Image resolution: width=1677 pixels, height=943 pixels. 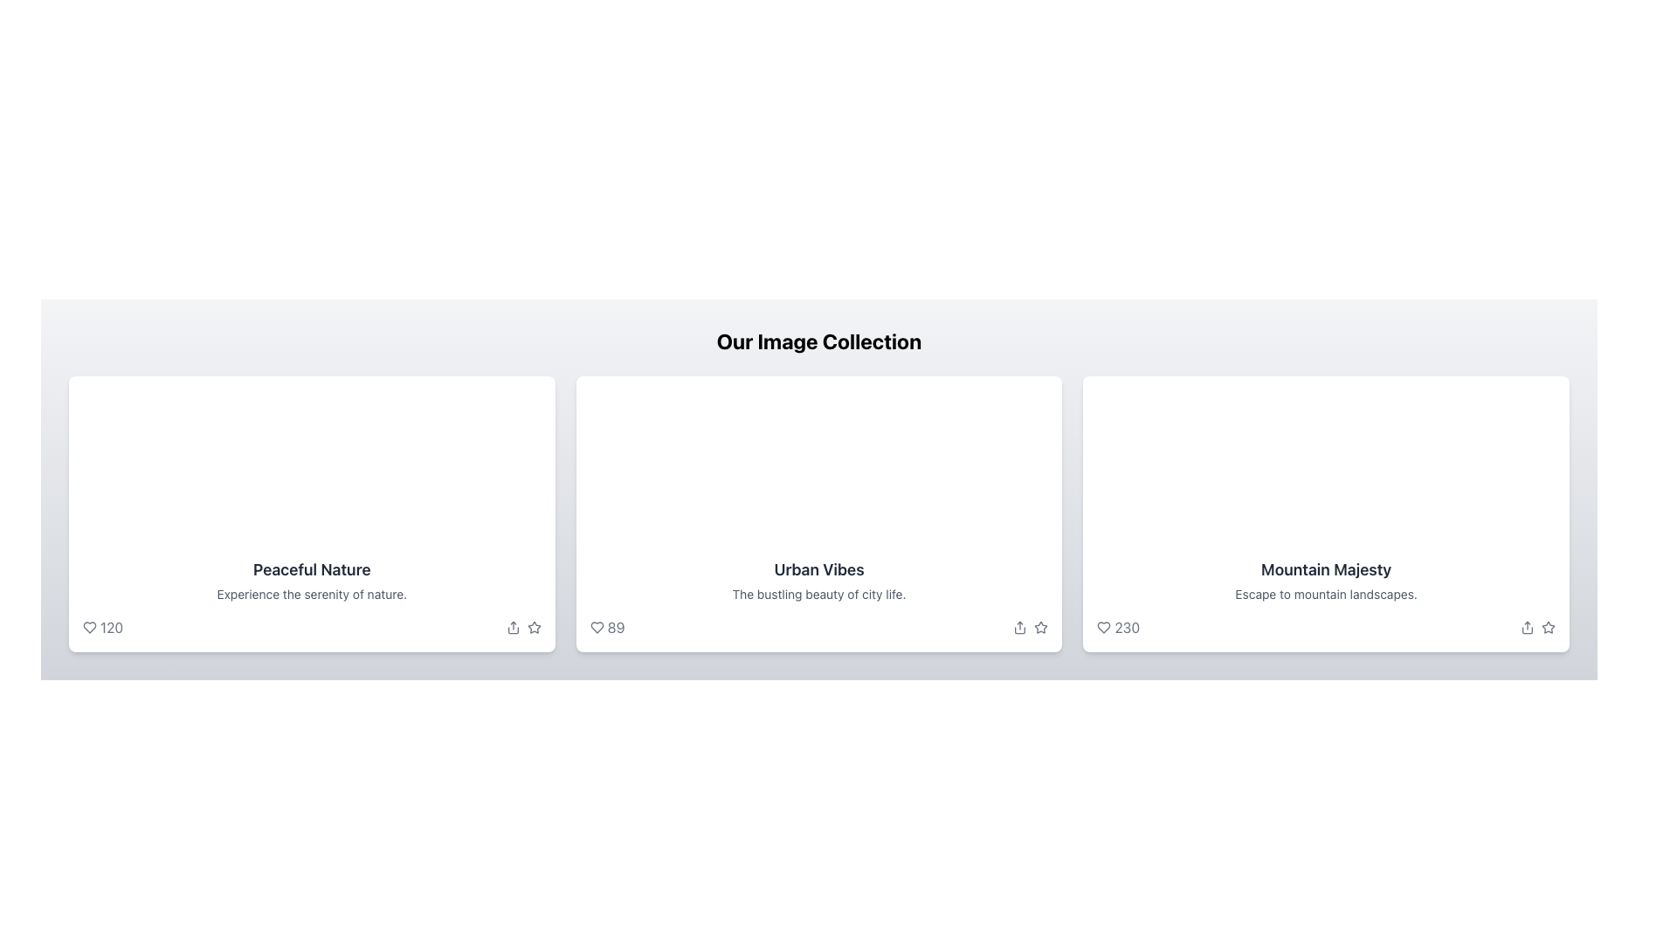 I want to click on the heart icon located in the bottom-left corner of the 'Mountain Majesty' card to like it, so click(x=1118, y=626).